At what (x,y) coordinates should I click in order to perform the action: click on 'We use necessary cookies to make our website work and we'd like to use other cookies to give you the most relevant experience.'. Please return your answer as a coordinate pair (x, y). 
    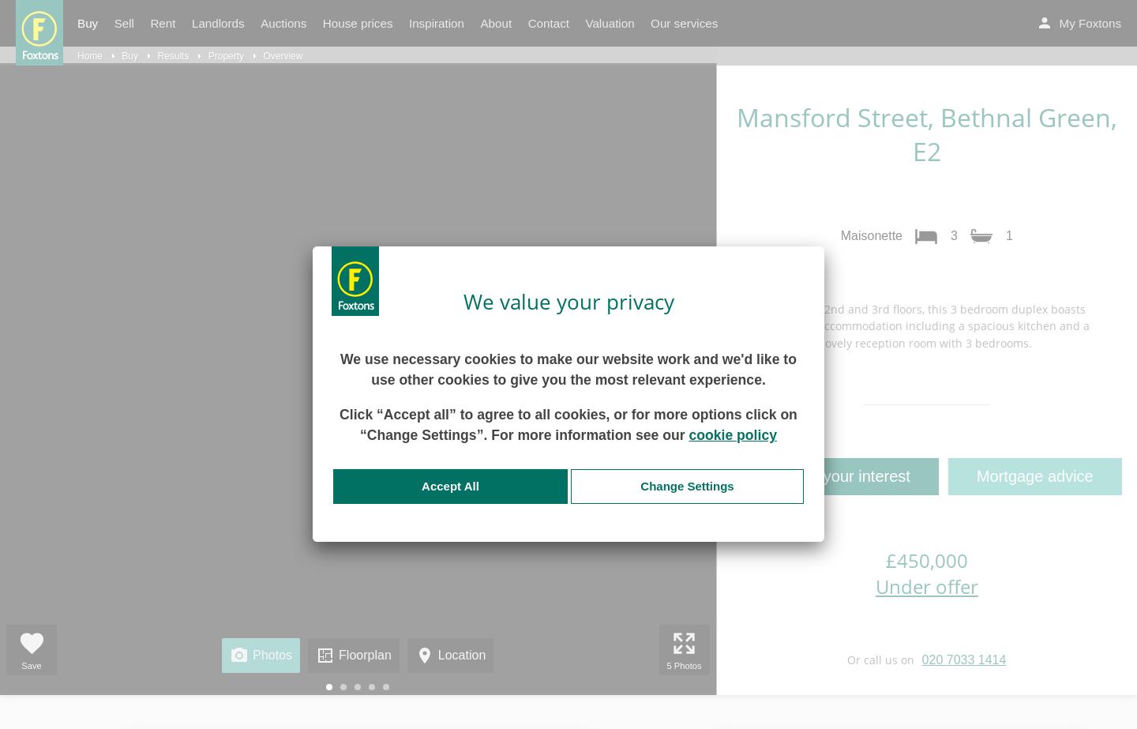
    Looking at the image, I should click on (568, 368).